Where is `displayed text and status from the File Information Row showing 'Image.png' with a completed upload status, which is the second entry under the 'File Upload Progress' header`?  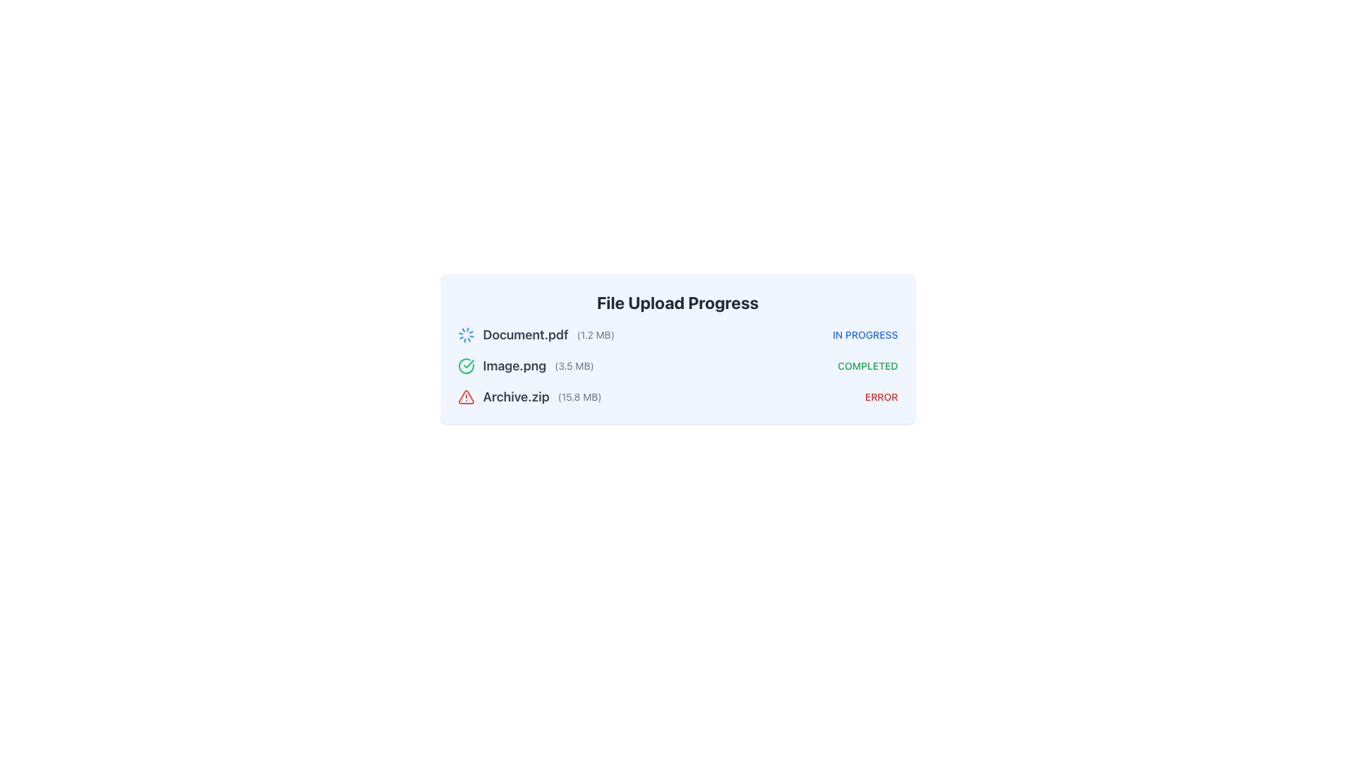 displayed text and status from the File Information Row showing 'Image.png' with a completed upload status, which is the second entry under the 'File Upload Progress' header is located at coordinates (525, 365).